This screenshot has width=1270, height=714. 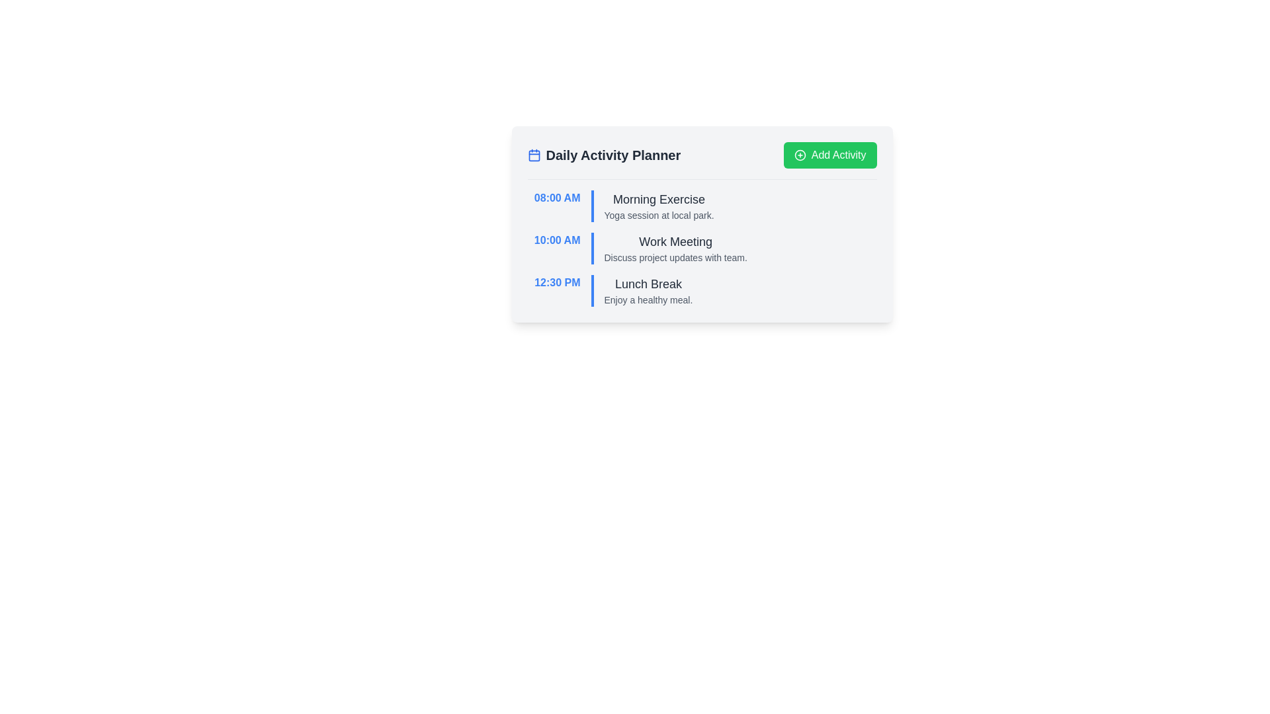 I want to click on the title text indicating the lunch break scheduled at 12:30 PM, which is positioned above the supporting text 'Enjoy a healthy meal.', so click(x=648, y=283).